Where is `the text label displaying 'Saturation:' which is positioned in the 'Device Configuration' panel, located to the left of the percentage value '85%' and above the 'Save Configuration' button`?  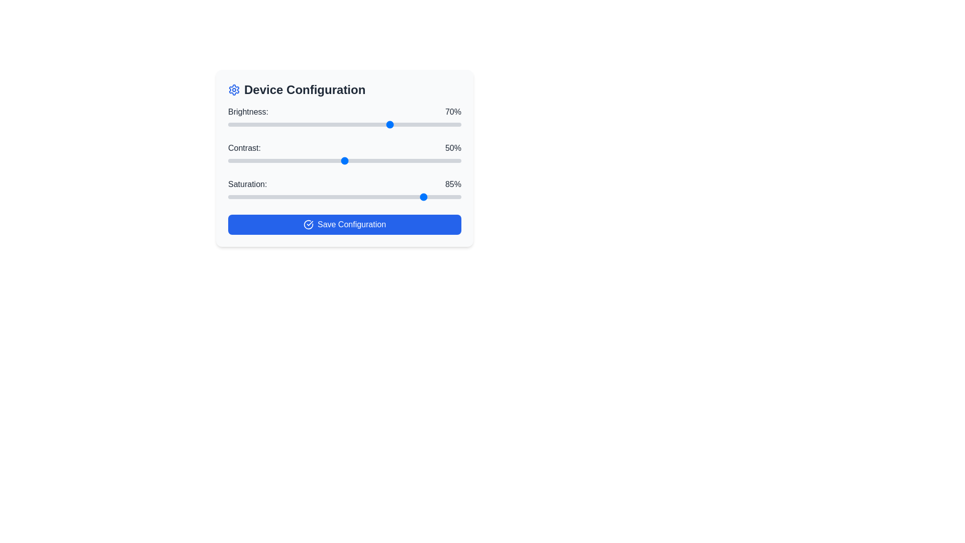 the text label displaying 'Saturation:' which is positioned in the 'Device Configuration' panel, located to the left of the percentage value '85%' and above the 'Save Configuration' button is located at coordinates (247, 184).